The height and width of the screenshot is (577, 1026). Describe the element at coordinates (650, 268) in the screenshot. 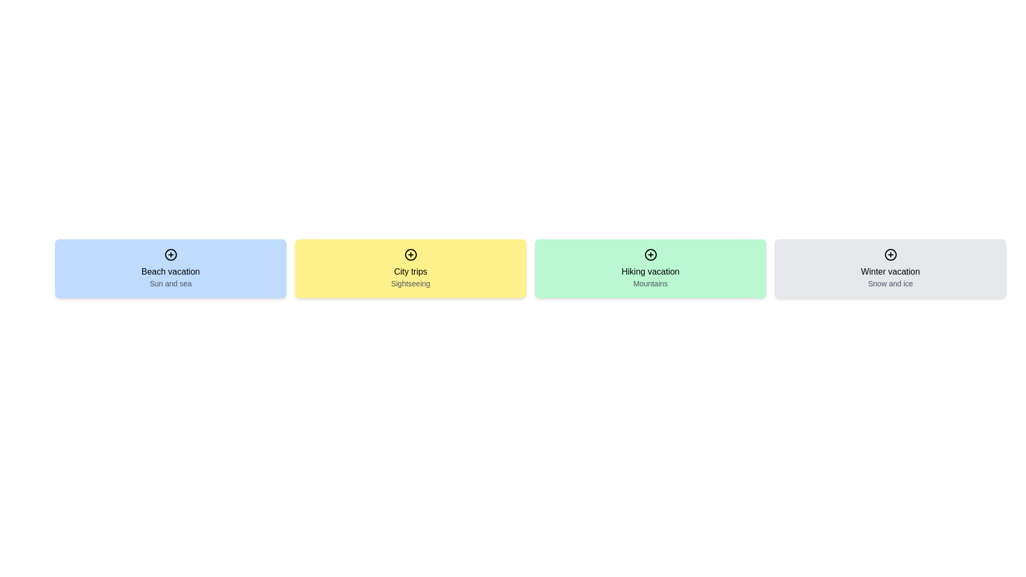

I see `the hiking vacation button, which is the third item in a grid layout between the 'City trips' and 'Winter vacation' boxes` at that location.